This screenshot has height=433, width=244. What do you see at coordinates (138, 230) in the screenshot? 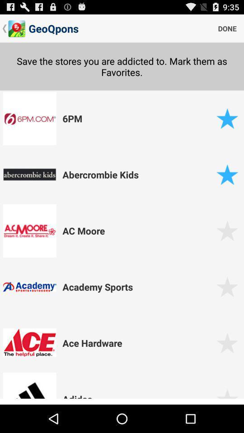
I see `the ac moore app` at bounding box center [138, 230].